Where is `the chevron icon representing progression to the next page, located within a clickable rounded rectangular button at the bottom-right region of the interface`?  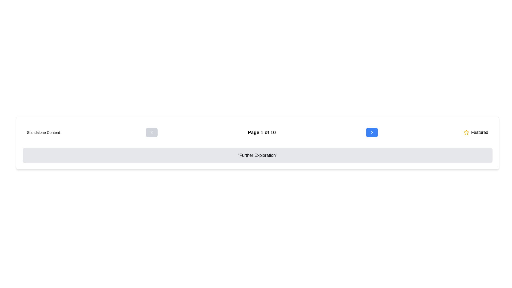 the chevron icon representing progression to the next page, located within a clickable rounded rectangular button at the bottom-right region of the interface is located at coordinates (371, 132).